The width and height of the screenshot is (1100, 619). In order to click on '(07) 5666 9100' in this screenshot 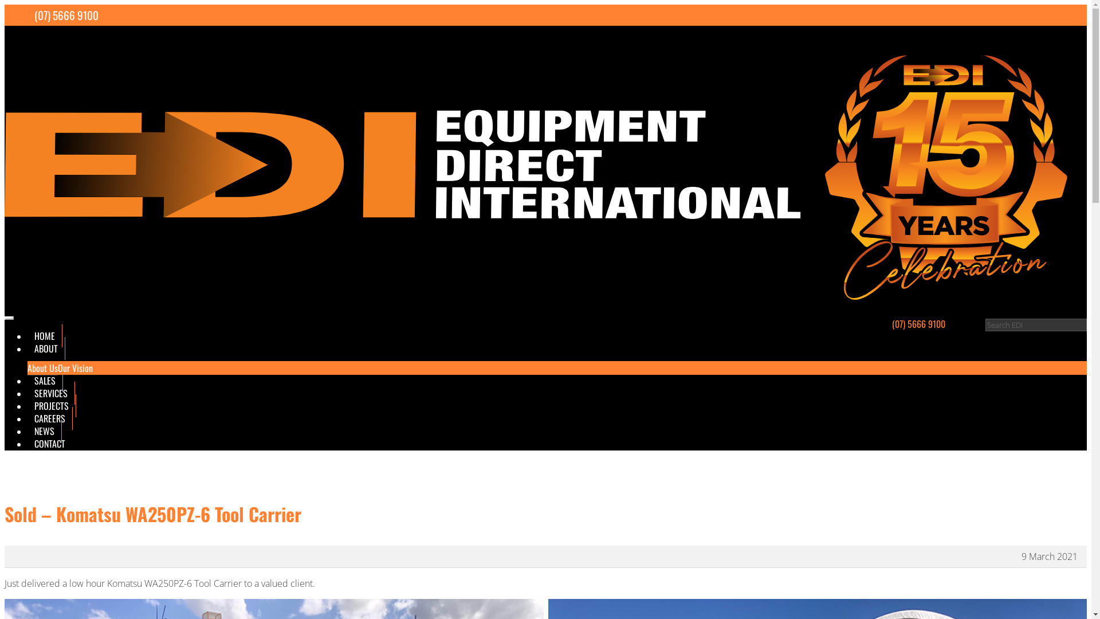, I will do `click(891, 323)`.